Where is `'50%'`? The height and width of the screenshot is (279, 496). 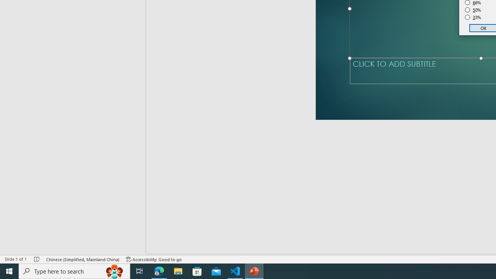 '50%' is located at coordinates (473, 10).